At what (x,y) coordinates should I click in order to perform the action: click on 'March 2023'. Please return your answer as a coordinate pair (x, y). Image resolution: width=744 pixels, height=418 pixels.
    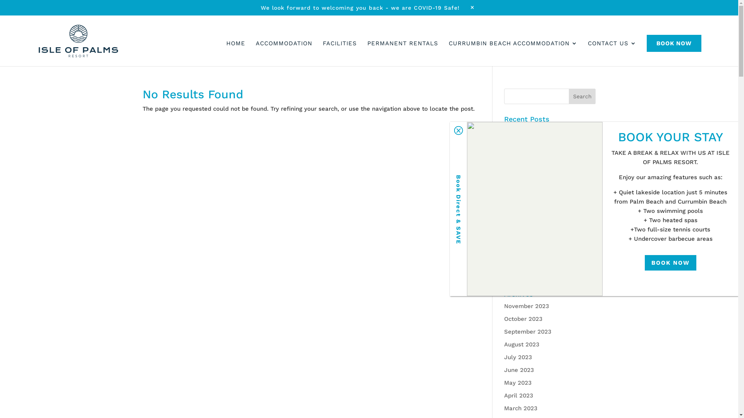
    Looking at the image, I should click on (504, 408).